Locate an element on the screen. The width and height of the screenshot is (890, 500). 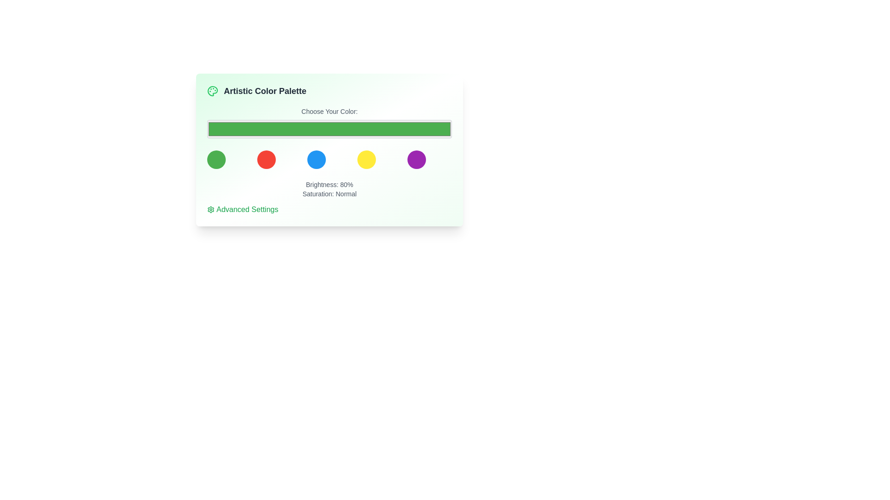
the third colored circle in the 'Choose Your Color' section of the 'Artistic Color Palette' card interface is located at coordinates (329, 159).